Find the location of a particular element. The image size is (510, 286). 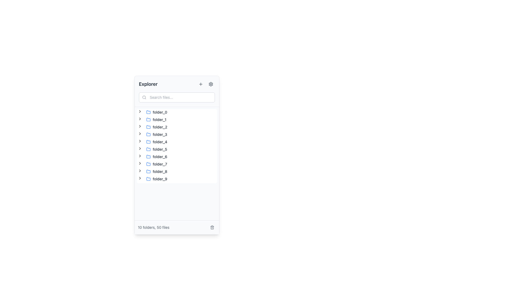

the chevron icon is located at coordinates (140, 172).